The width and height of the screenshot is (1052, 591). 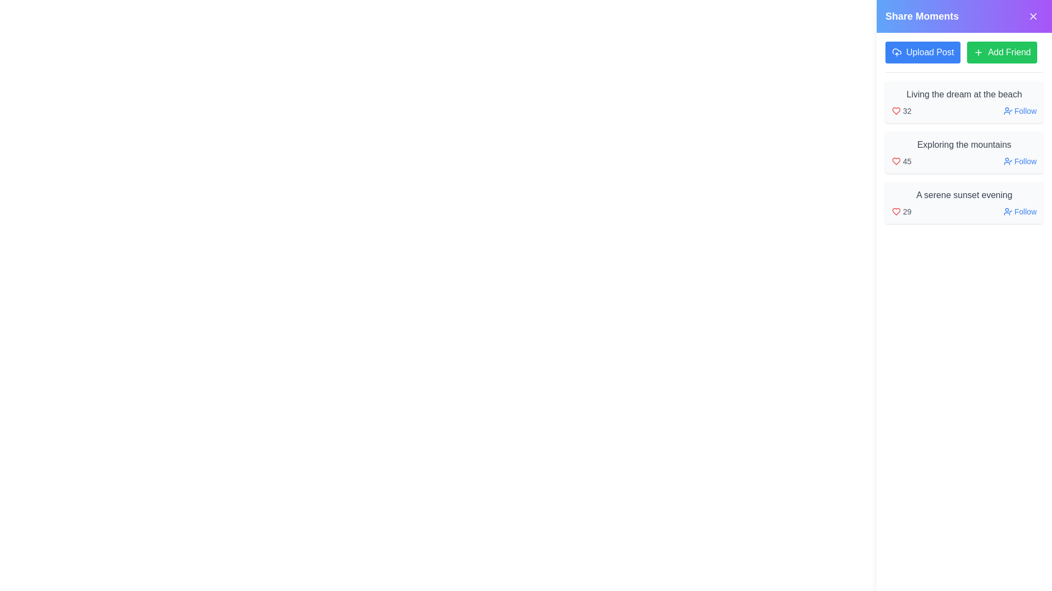 I want to click on the heart icon with a red stroke located in the right sidebar, next to the counter text '32', to express appreciation, so click(x=896, y=111).